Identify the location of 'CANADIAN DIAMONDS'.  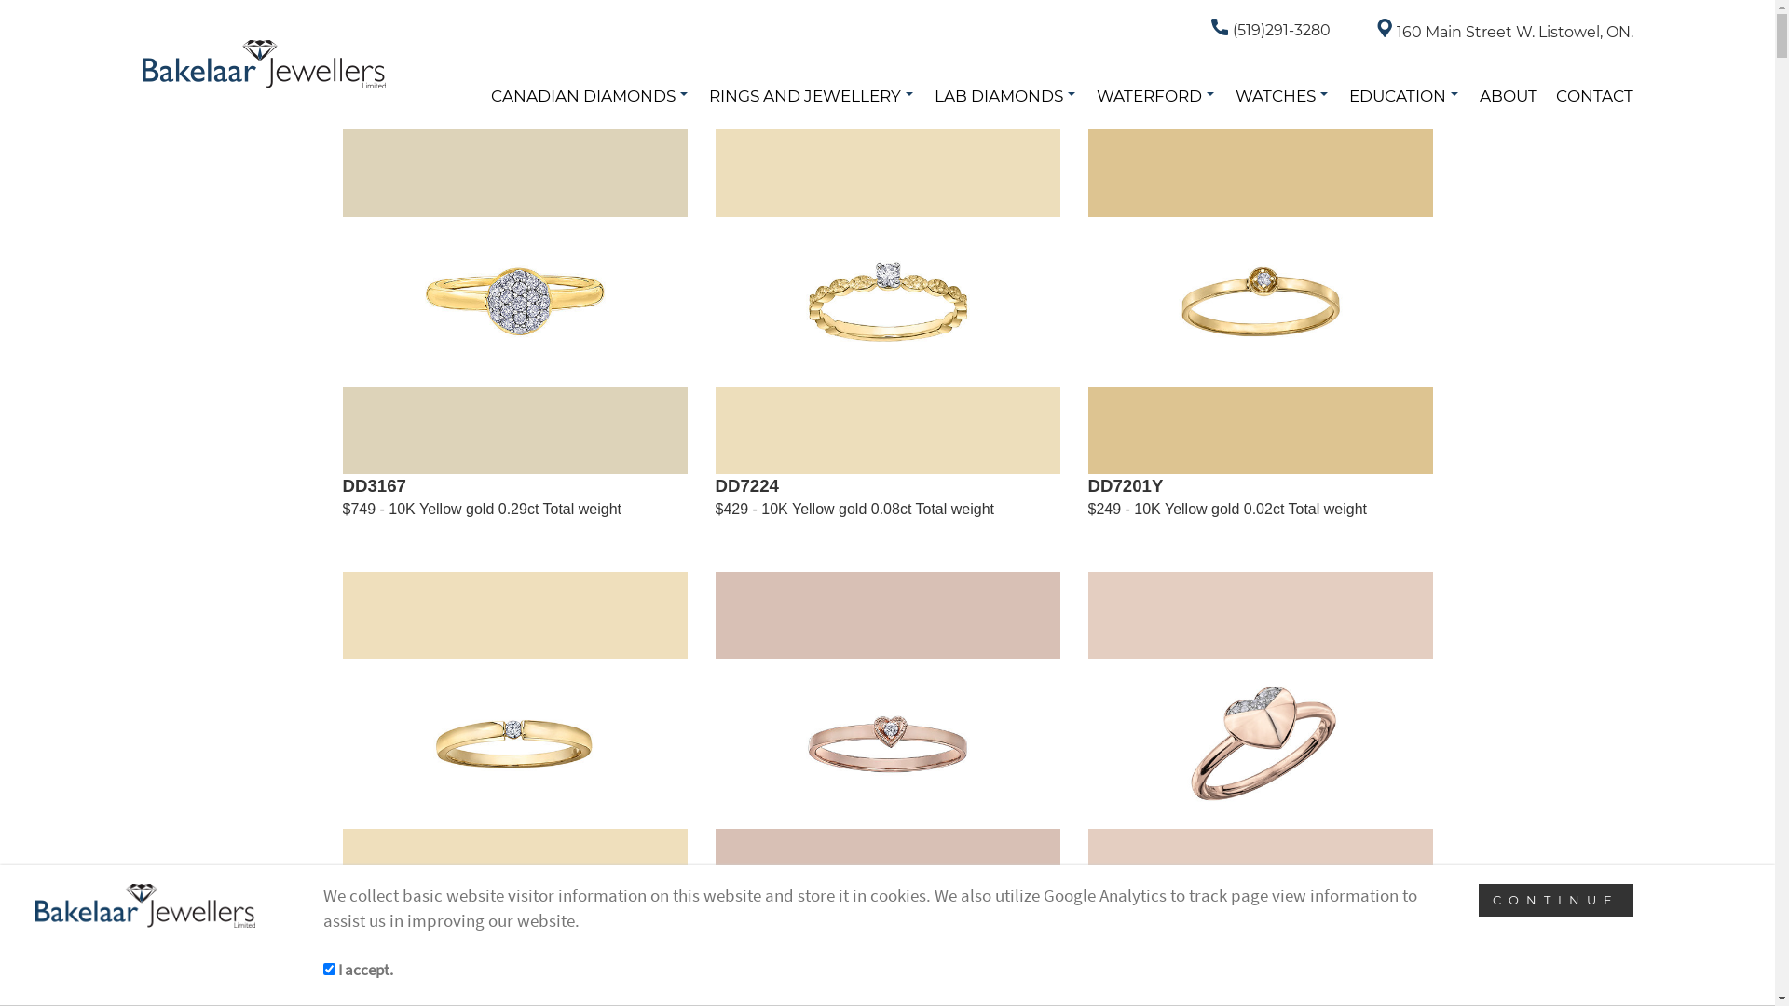
(589, 96).